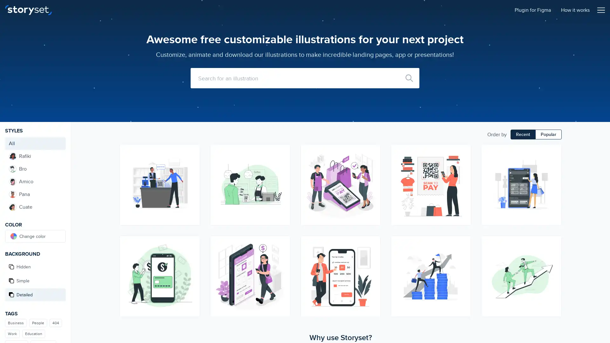 This screenshot has width=610, height=343. I want to click on wand icon Animate, so click(191, 243).